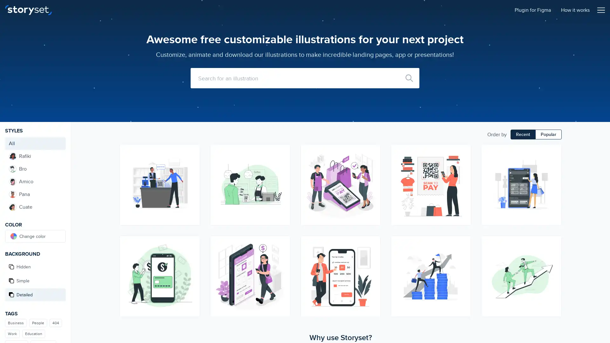 This screenshot has width=610, height=343. I want to click on wand icon Animate, so click(191, 243).